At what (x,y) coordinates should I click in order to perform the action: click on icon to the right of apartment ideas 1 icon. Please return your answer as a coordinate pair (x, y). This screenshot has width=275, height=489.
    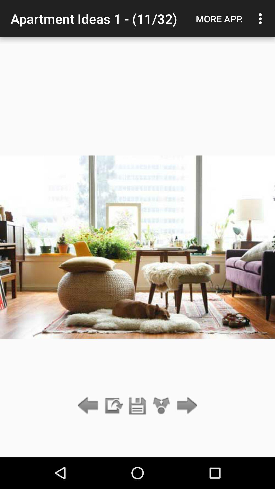
    Looking at the image, I should click on (219, 19).